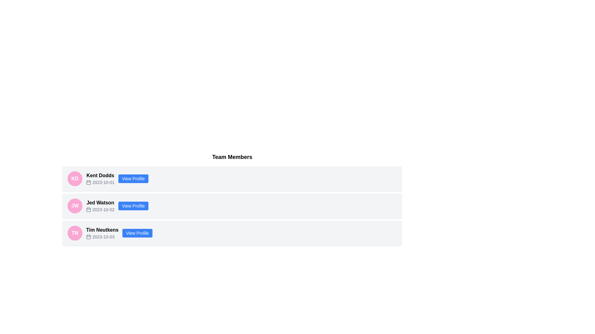 This screenshot has height=334, width=595. What do you see at coordinates (103, 237) in the screenshot?
I see `the date display element associated with 'Tim Neutkens' in the 'Team Members' list, which is positioned to the right of the calendar icon` at bounding box center [103, 237].